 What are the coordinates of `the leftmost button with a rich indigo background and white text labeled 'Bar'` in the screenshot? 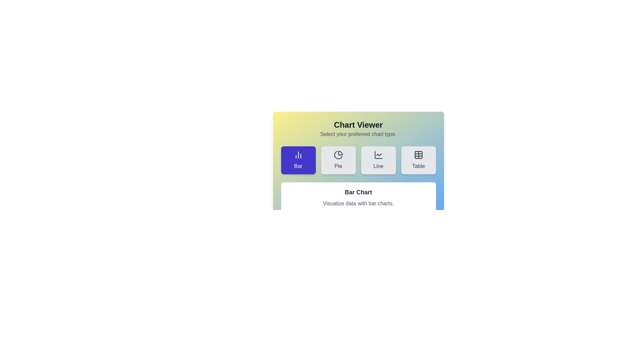 It's located at (298, 160).